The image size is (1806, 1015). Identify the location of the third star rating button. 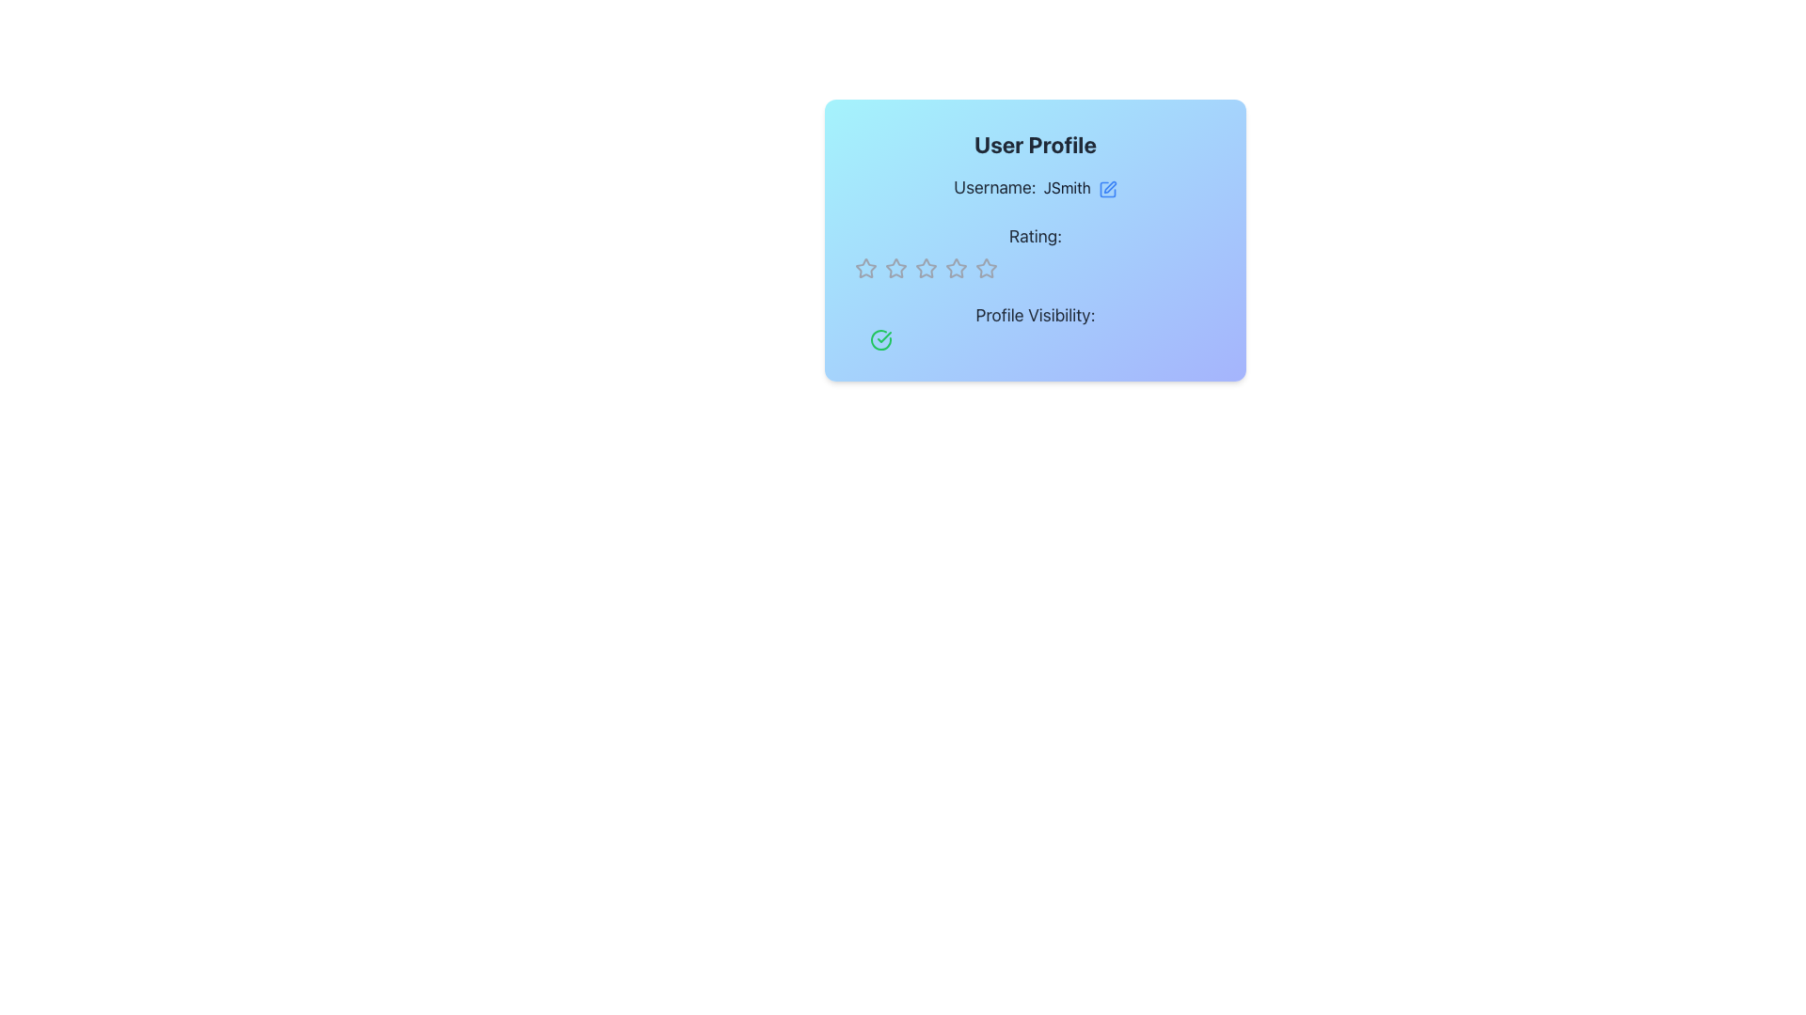
(926, 268).